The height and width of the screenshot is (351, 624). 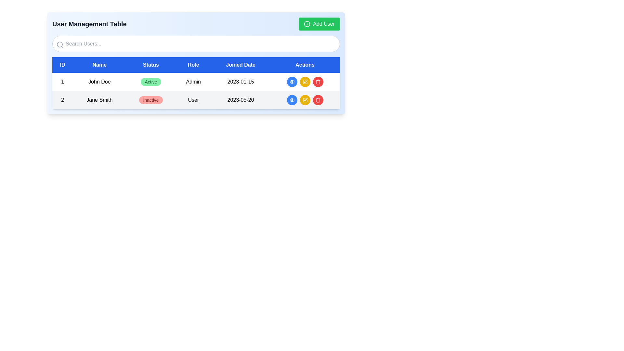 I want to click on the Text element displaying the number '2' in bold font, located in the first cell of the second row under the 'ID' header in a table, so click(x=62, y=100).